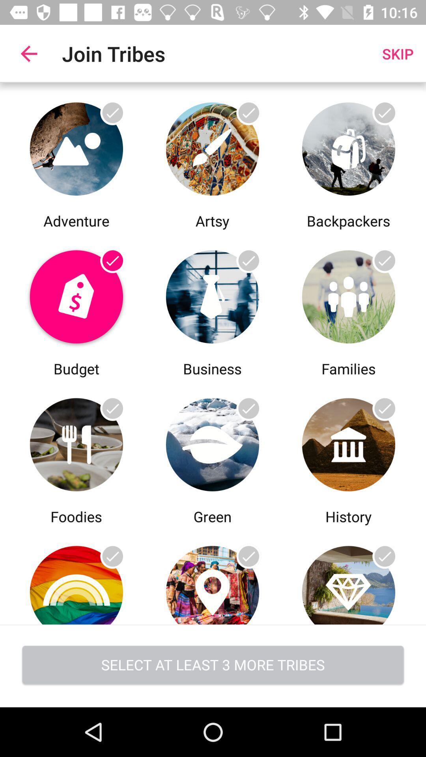 Image resolution: width=426 pixels, height=757 pixels. What do you see at coordinates (76, 442) in the screenshot?
I see `a group to join` at bounding box center [76, 442].